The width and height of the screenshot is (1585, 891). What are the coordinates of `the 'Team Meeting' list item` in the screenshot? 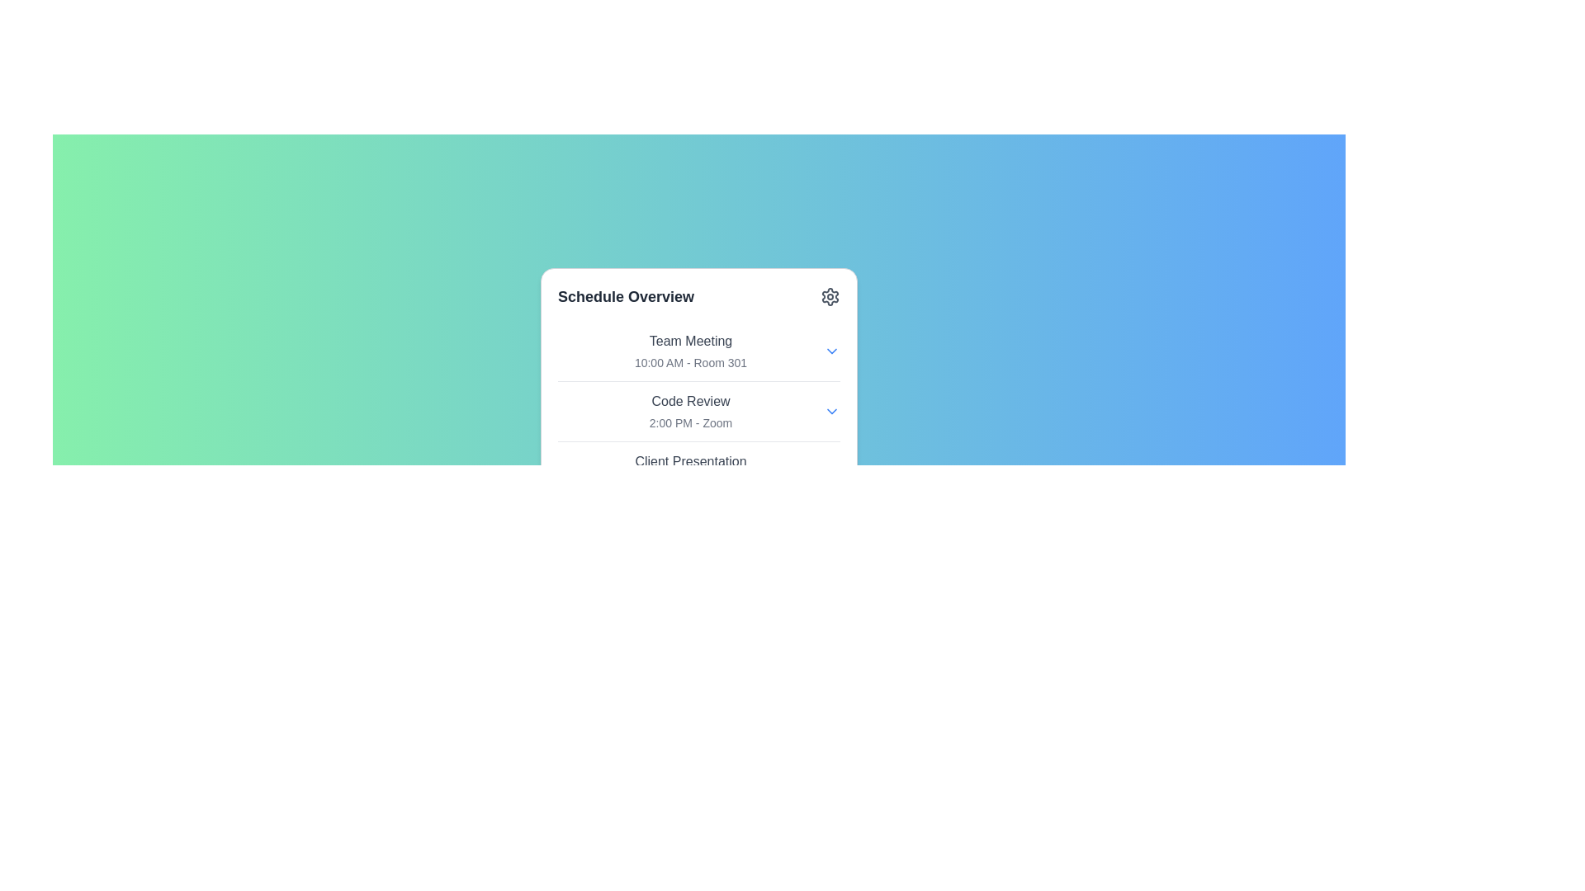 It's located at (698, 350).